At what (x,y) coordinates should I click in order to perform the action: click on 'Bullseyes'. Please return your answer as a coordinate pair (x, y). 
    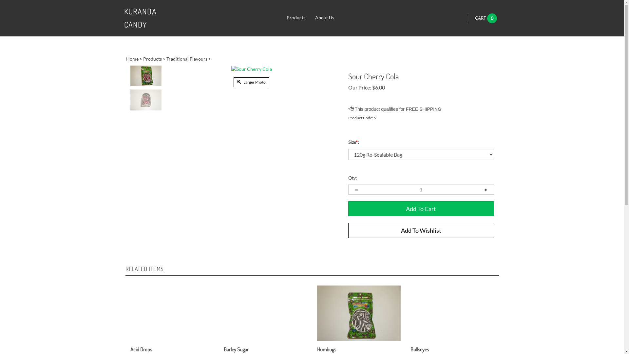
    Looking at the image, I should click on (410, 349).